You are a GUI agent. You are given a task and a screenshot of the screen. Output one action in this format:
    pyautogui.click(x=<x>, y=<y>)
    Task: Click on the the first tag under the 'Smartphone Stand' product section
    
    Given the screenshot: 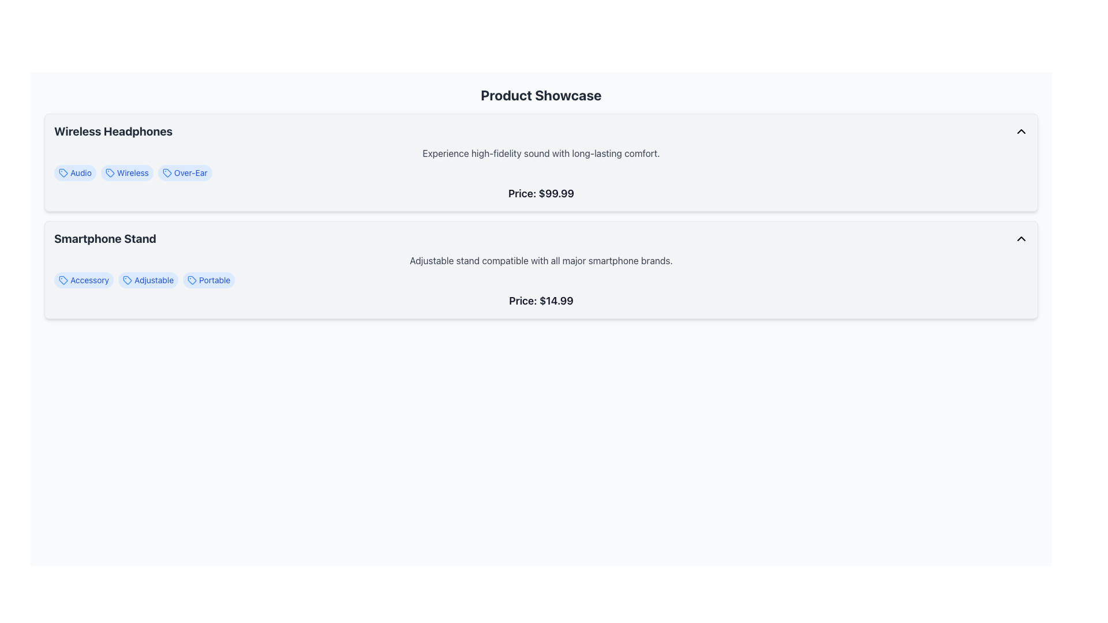 What is the action you would take?
    pyautogui.click(x=83, y=280)
    